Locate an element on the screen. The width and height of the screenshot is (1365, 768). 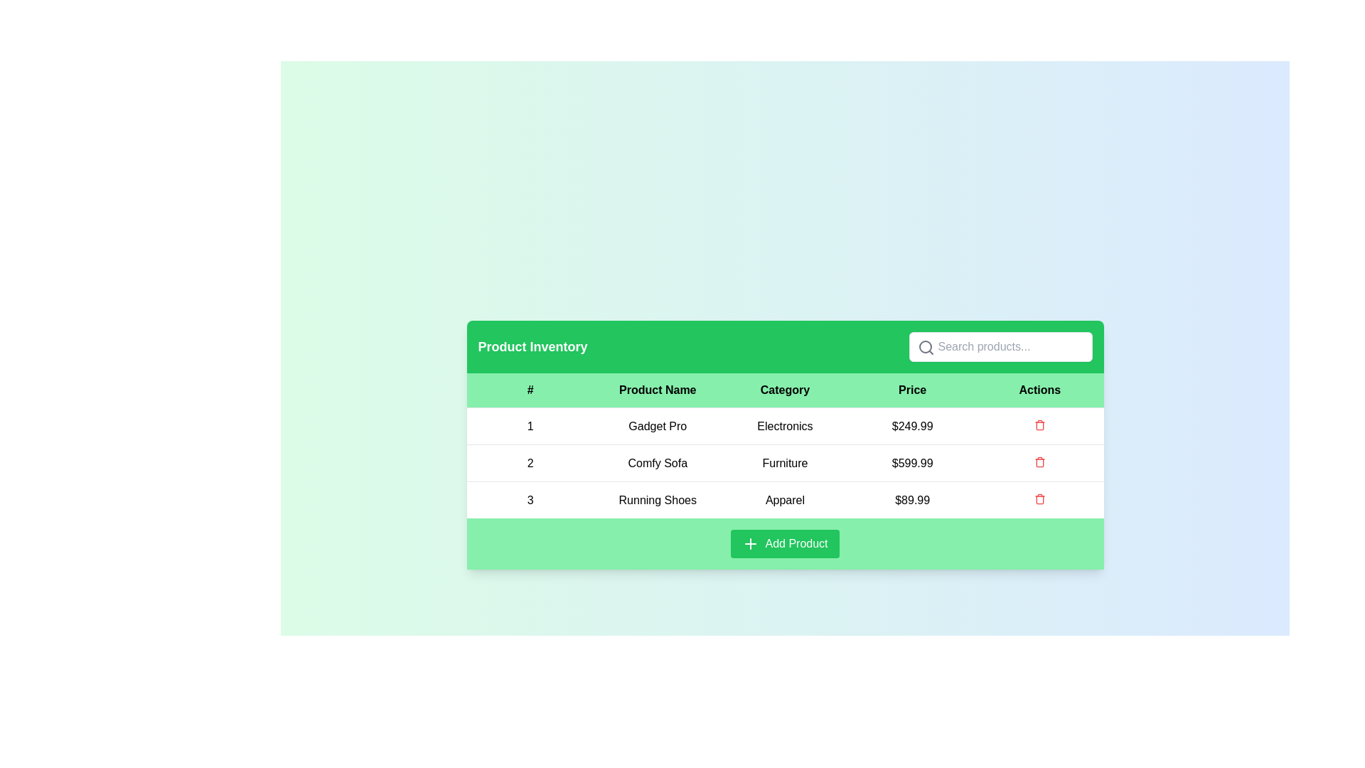
the delete button in the Actions column of the second row for the 'Comfy Sofa' product entry is located at coordinates (1039, 462).